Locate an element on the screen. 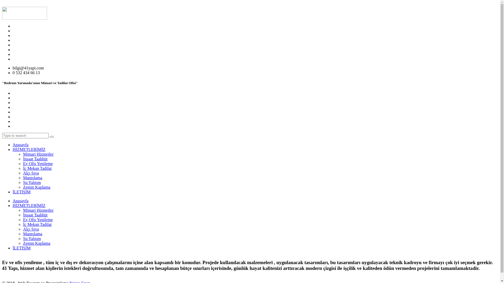  'Mantolama' is located at coordinates (32, 233).